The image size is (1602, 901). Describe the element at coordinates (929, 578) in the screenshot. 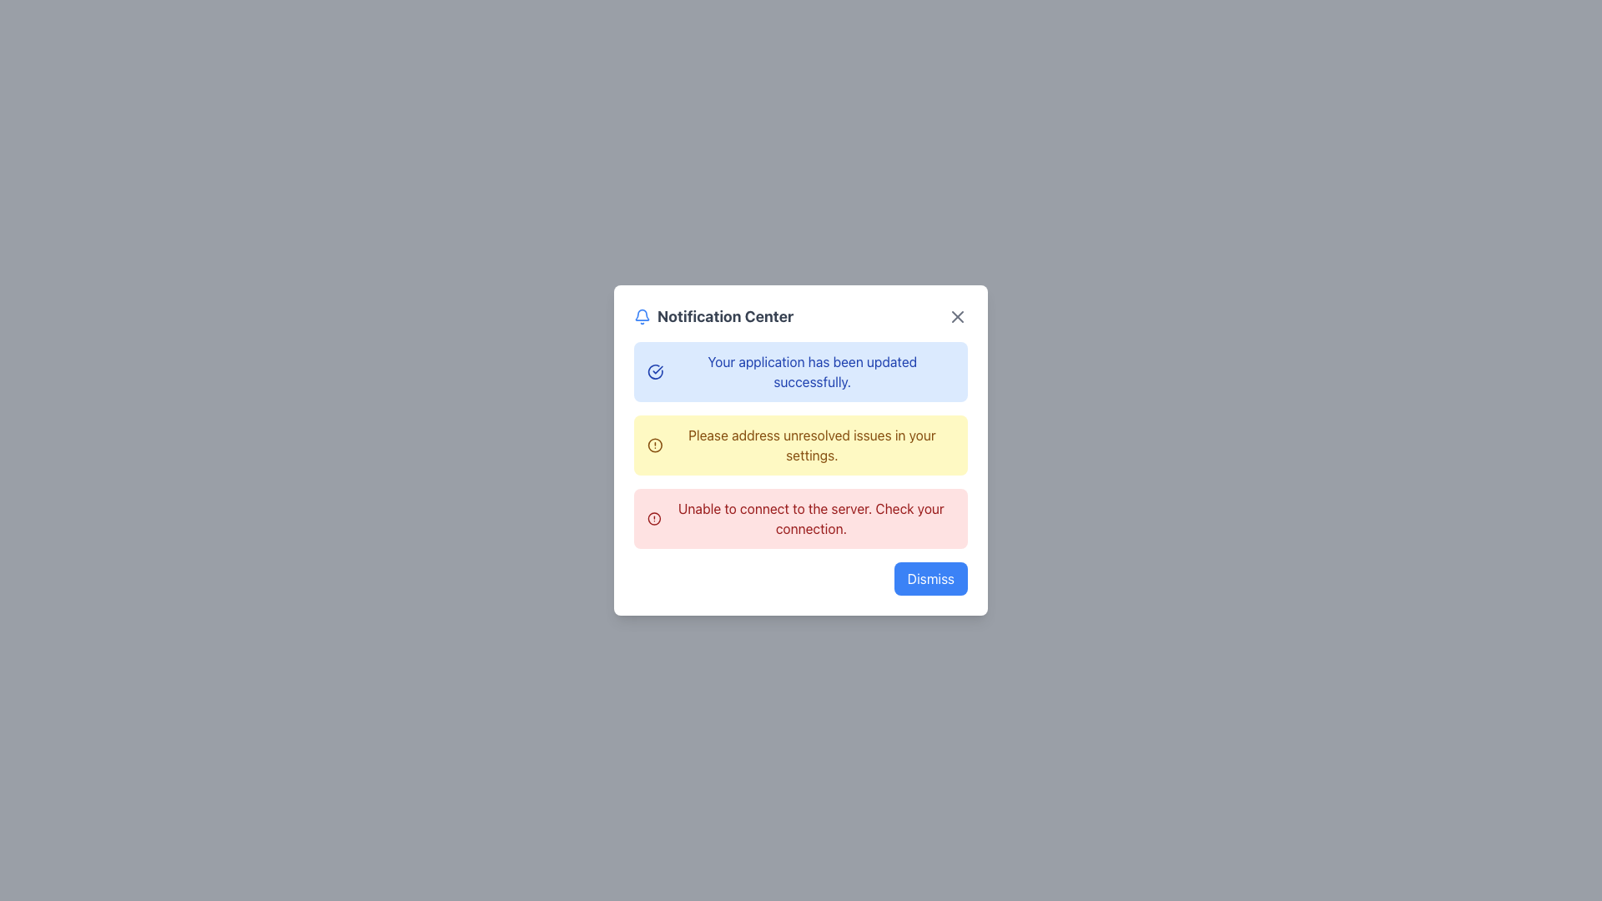

I see `the rectangular button with a blue background and white text labeled 'Dismiss' located at the bottom-right corner of the notification modal to trigger its visual hover effect` at that location.